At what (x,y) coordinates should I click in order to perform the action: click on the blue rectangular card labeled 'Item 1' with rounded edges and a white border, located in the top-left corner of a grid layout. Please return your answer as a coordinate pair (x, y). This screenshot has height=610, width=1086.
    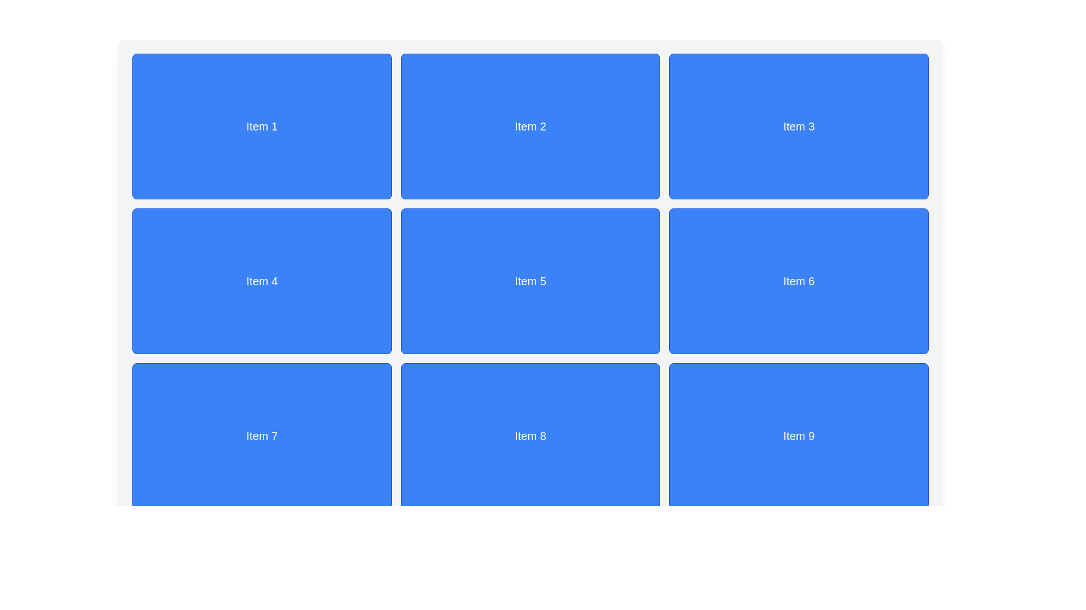
    Looking at the image, I should click on (261, 126).